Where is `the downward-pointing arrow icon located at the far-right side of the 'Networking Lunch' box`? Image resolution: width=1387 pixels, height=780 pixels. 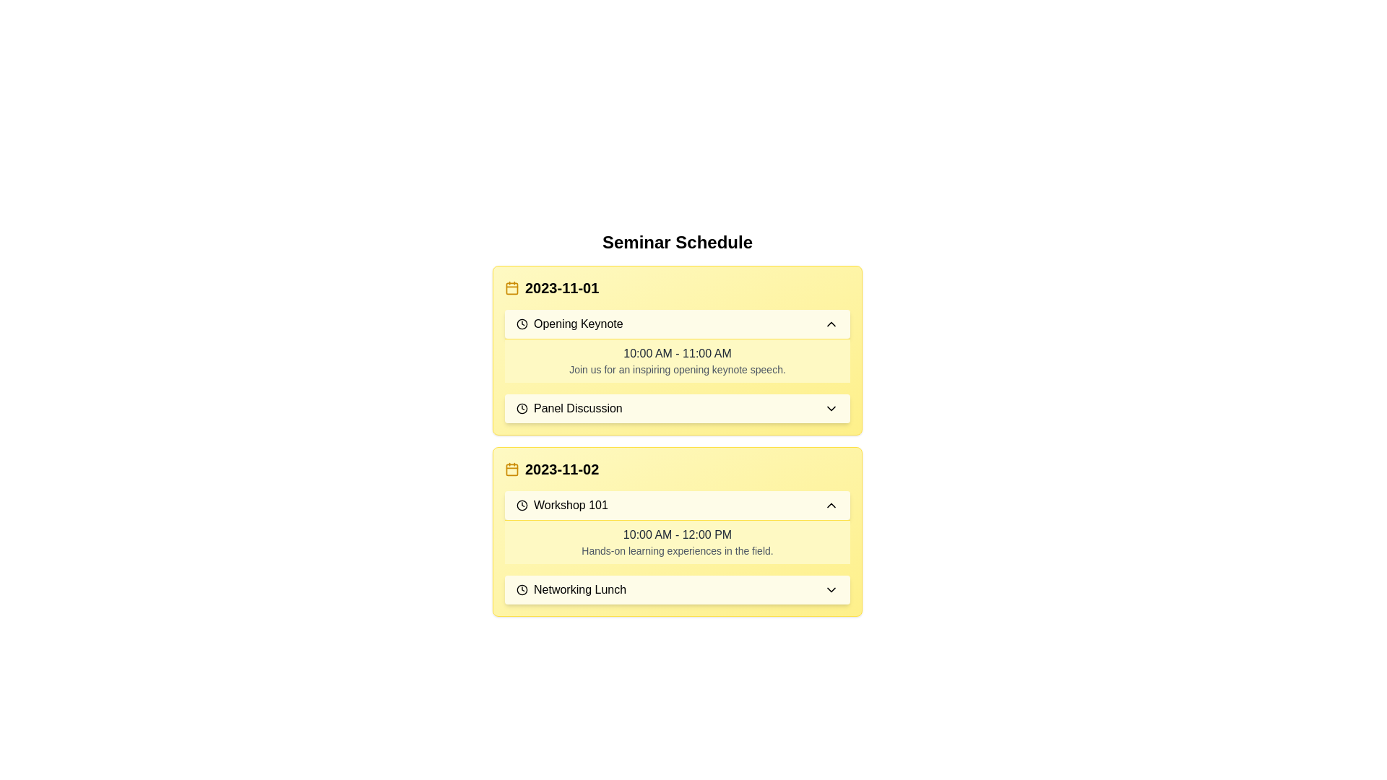 the downward-pointing arrow icon located at the far-right side of the 'Networking Lunch' box is located at coordinates (831, 590).